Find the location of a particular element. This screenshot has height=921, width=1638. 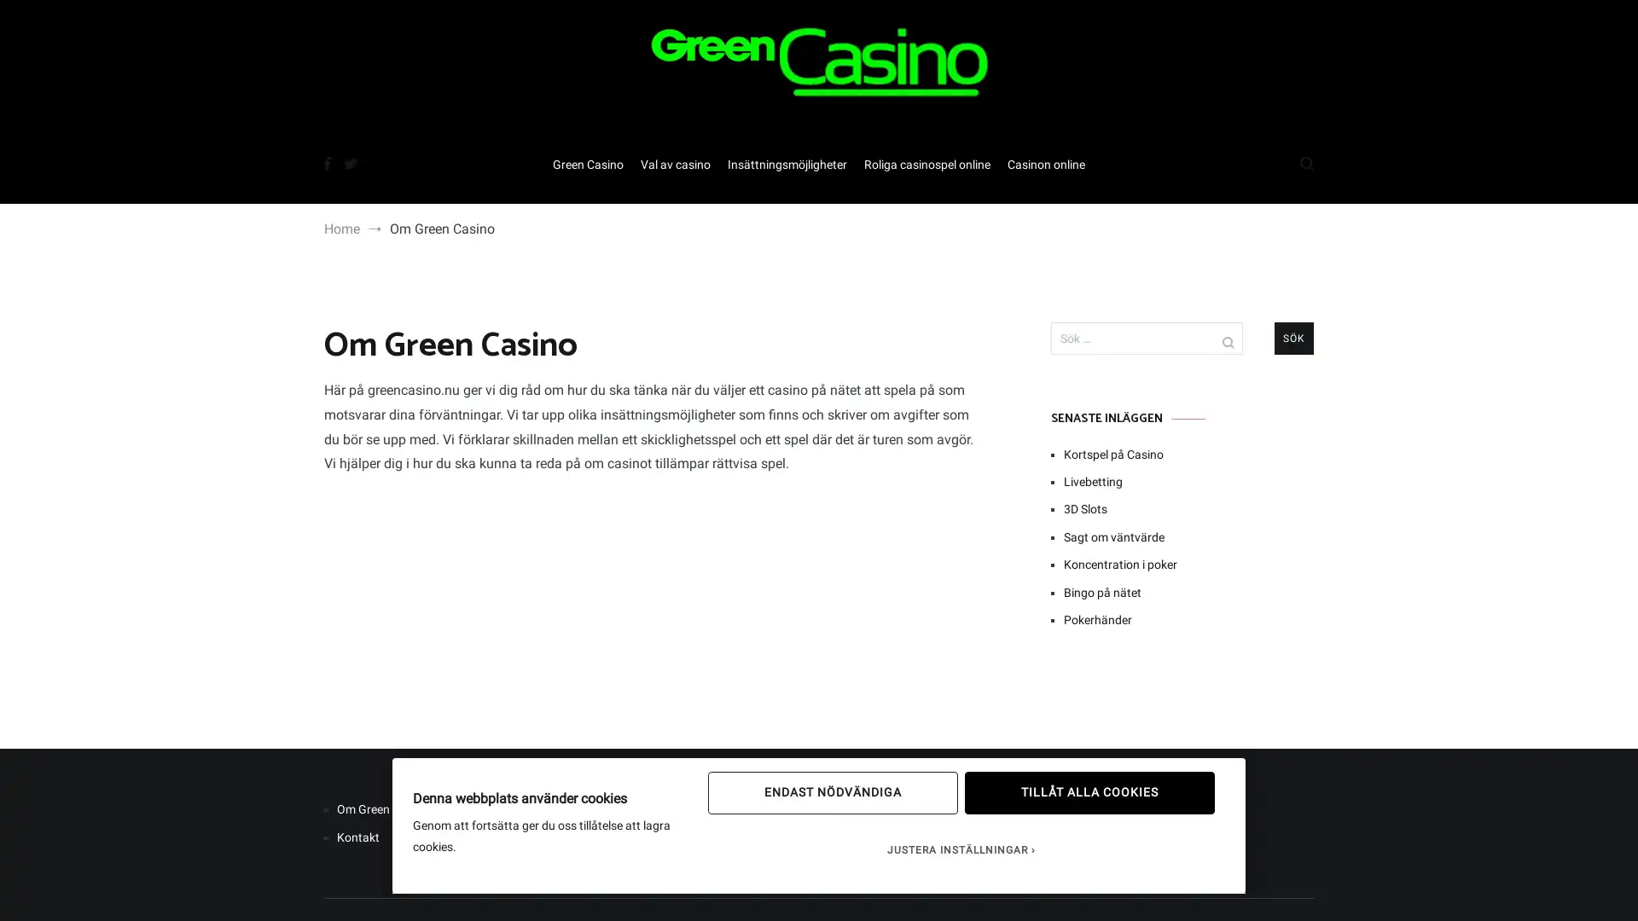

TILLAT ALLA COOKIES is located at coordinates (1088, 792).